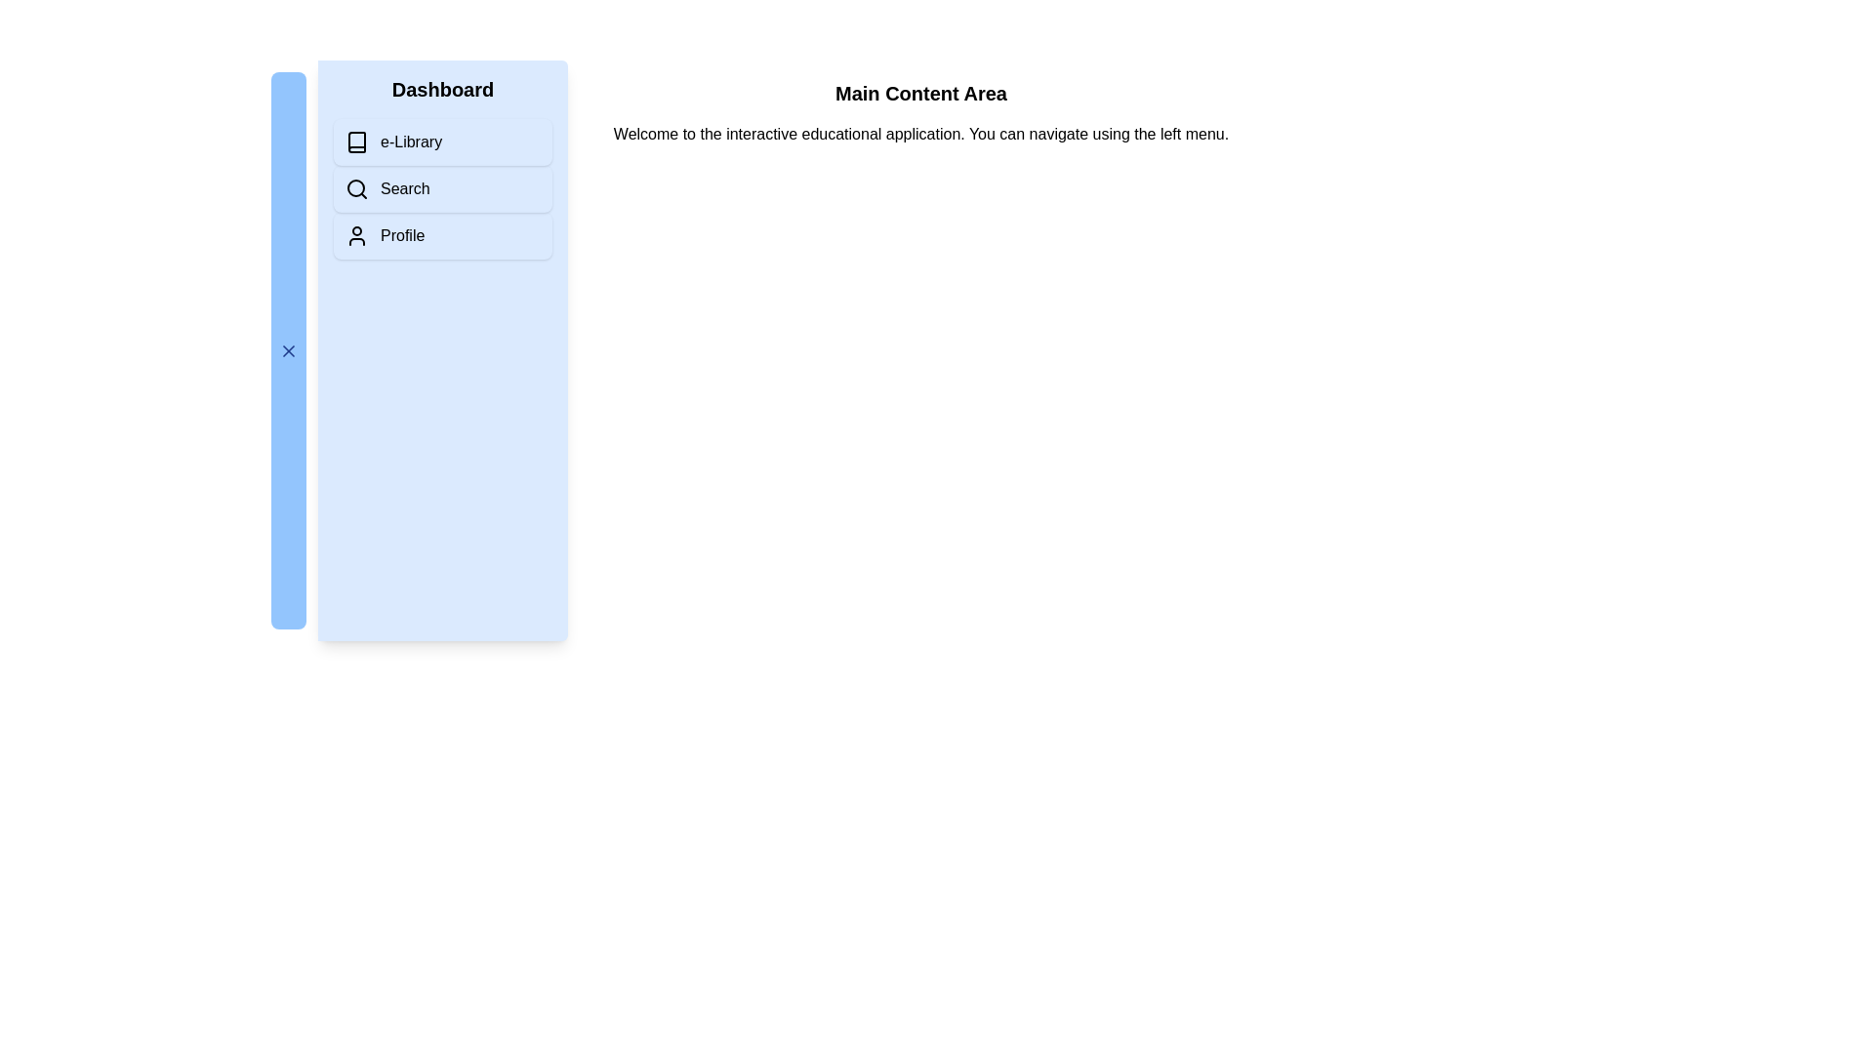  Describe the element at coordinates (288, 348) in the screenshot. I see `the vertical button with a light blue background and an 'X' icon located to the left of the main dashboard area` at that location.